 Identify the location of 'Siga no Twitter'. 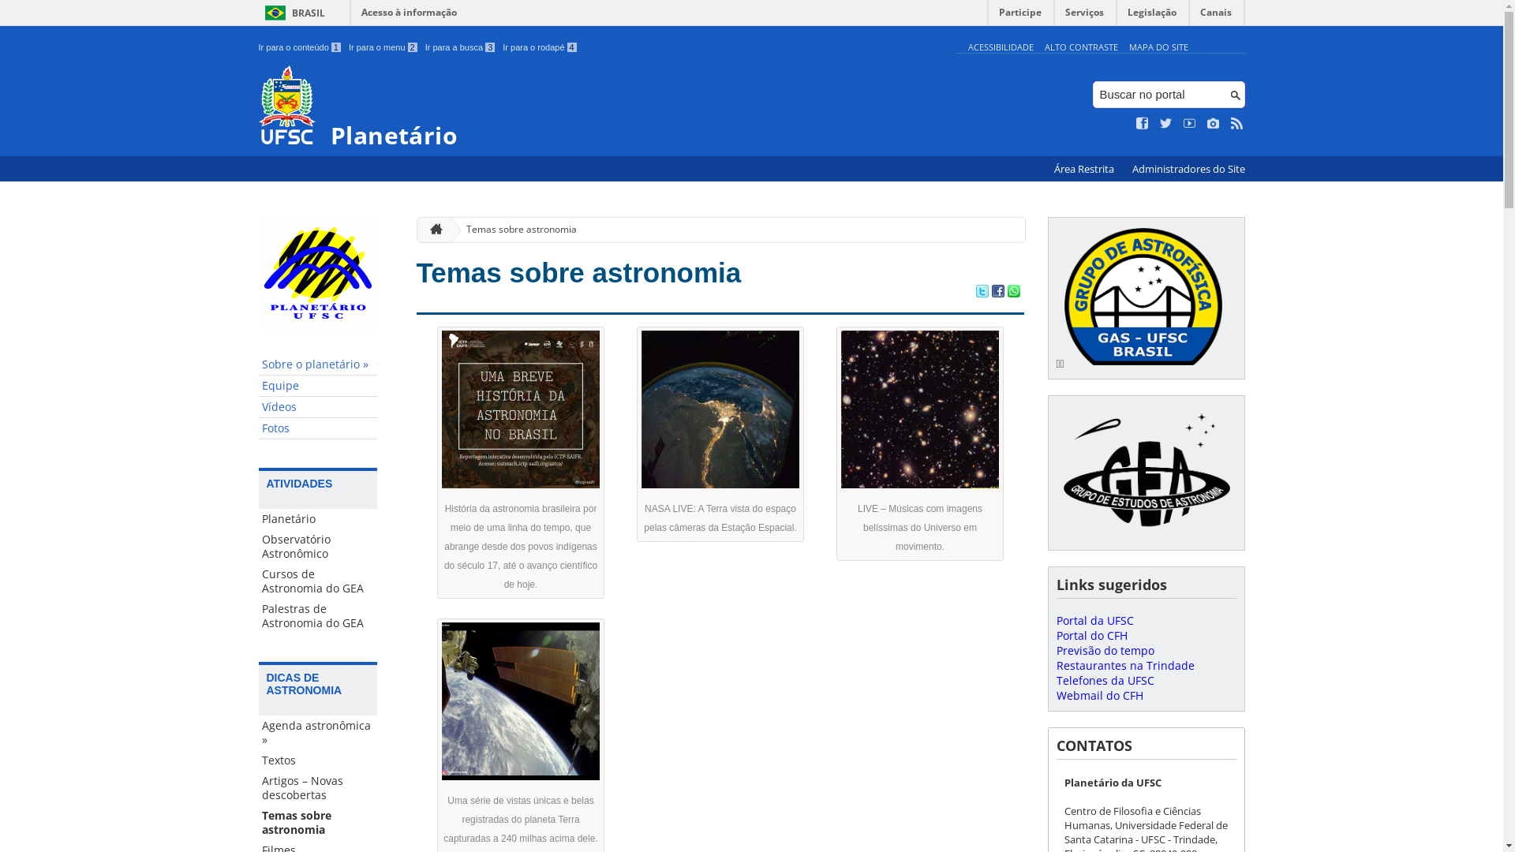
(1159, 123).